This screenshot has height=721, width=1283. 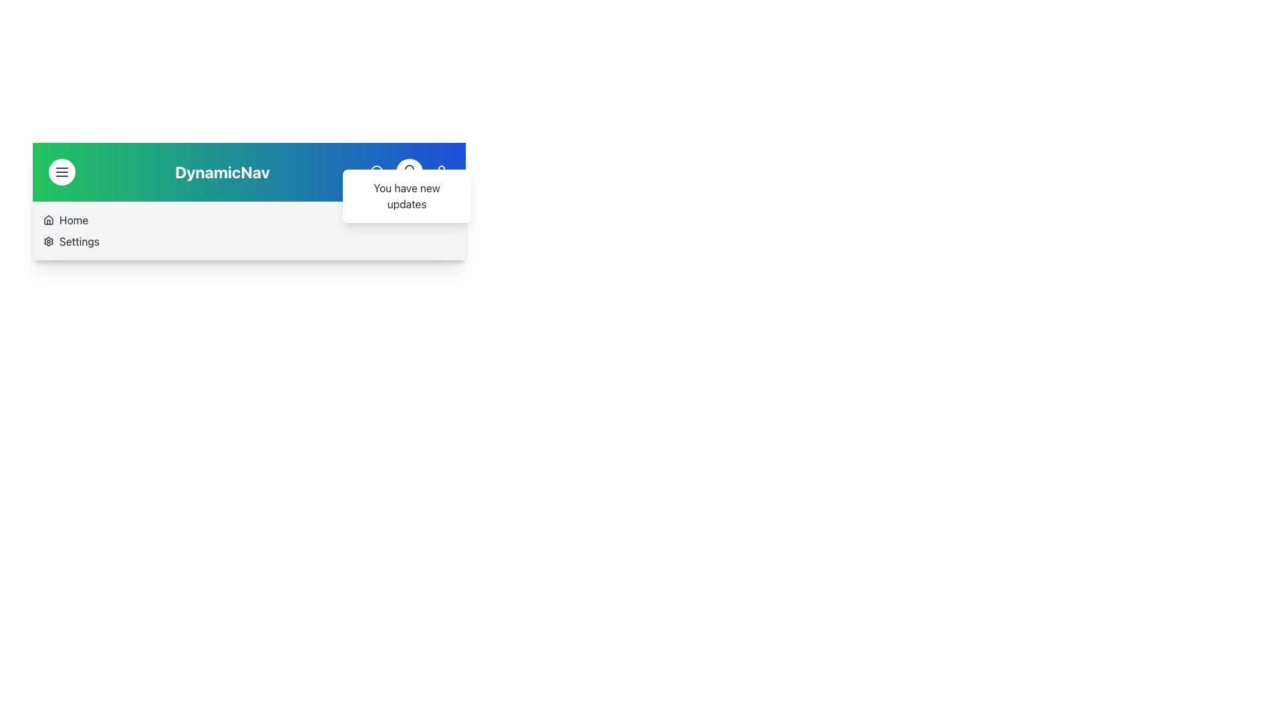 What do you see at coordinates (73, 220) in the screenshot?
I see `the Text label that indicates navigation to the homepage, positioned to the right of the house-shaped icon in the navigation bar` at bounding box center [73, 220].